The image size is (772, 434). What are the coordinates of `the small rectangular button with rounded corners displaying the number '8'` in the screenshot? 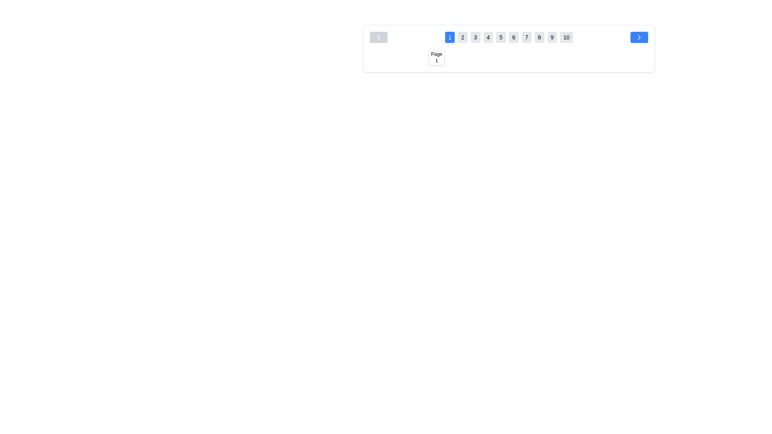 It's located at (539, 37).